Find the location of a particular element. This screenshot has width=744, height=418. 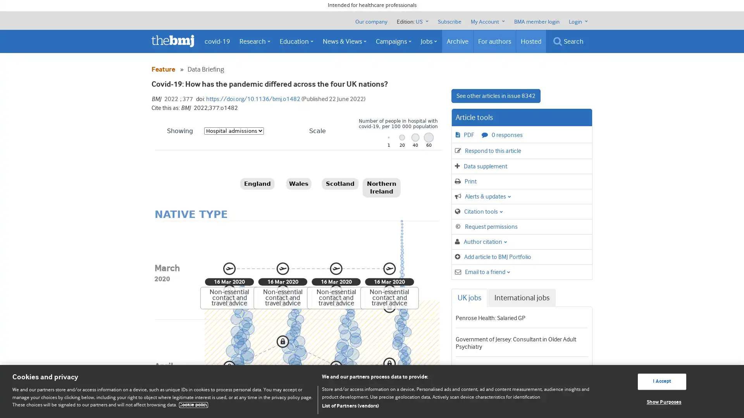

Citation tools is located at coordinates (482, 212).